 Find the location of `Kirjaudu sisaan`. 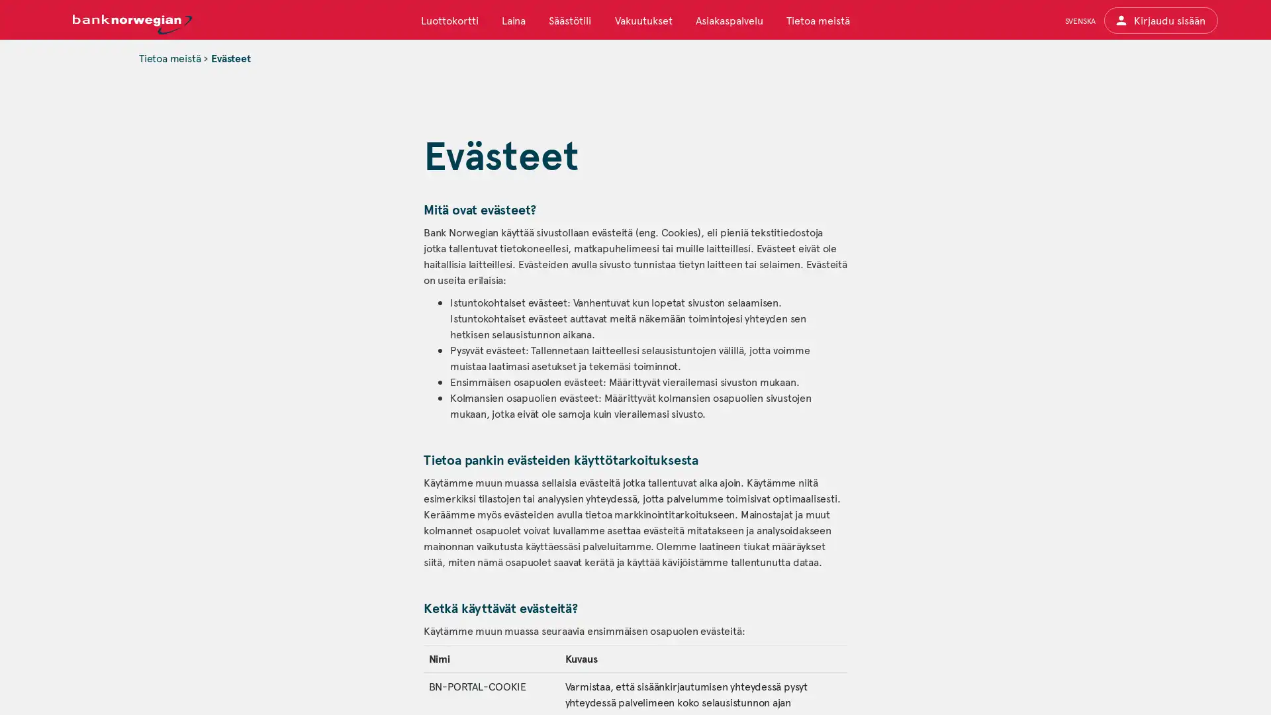

Kirjaudu sisaan is located at coordinates (1160, 20).